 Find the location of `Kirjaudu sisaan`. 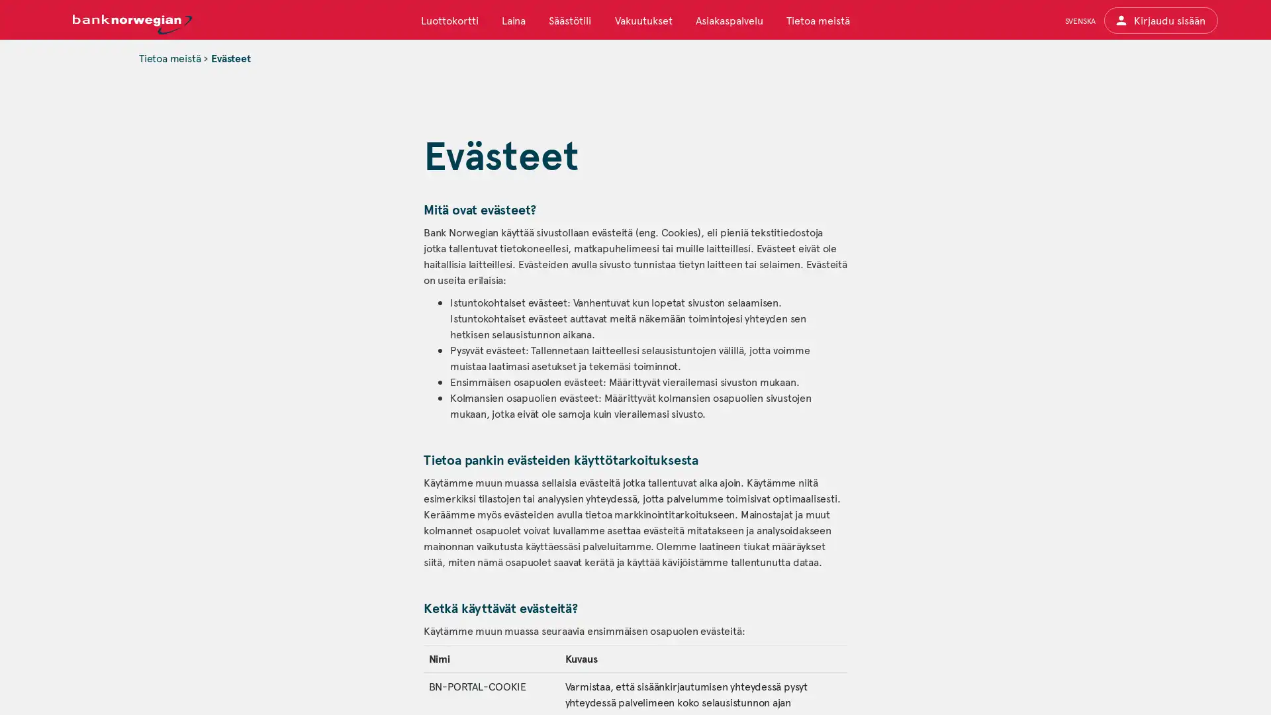

Kirjaudu sisaan is located at coordinates (1160, 20).